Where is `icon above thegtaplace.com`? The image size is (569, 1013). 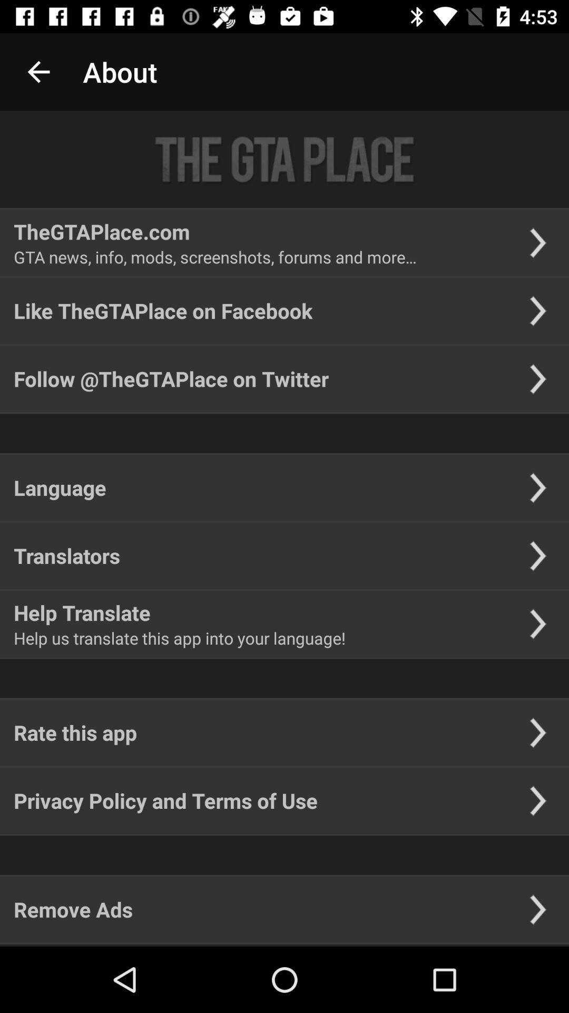
icon above thegtaplace.com is located at coordinates (284, 159).